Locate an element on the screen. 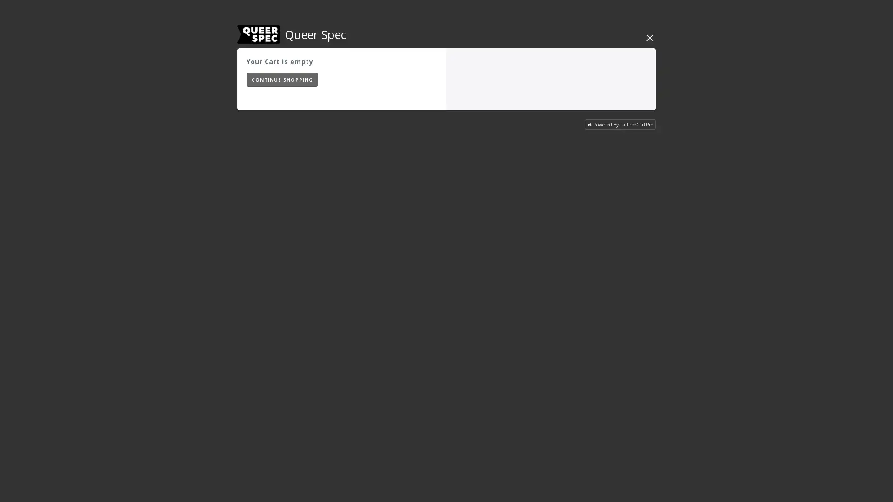  CONTINUE SHOPPING is located at coordinates (281, 79).